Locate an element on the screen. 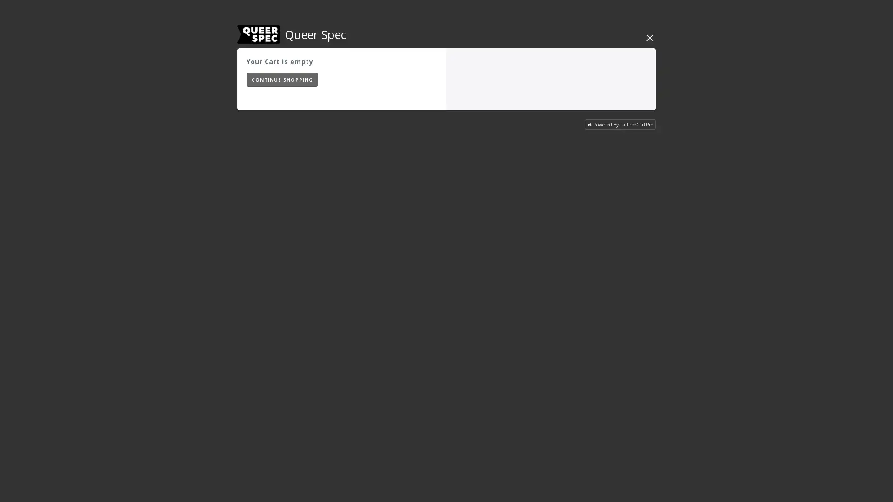  CONTINUE SHOPPING is located at coordinates (281, 79).